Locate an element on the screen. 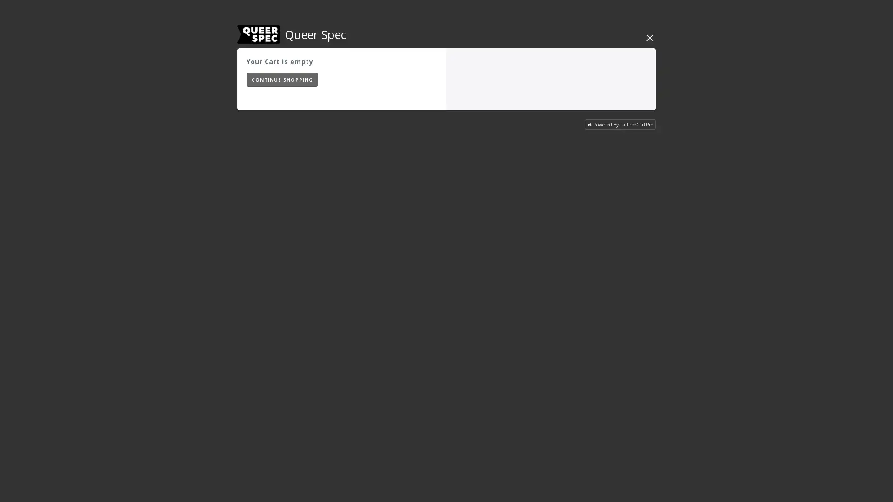  CONTINUE SHOPPING is located at coordinates (281, 79).